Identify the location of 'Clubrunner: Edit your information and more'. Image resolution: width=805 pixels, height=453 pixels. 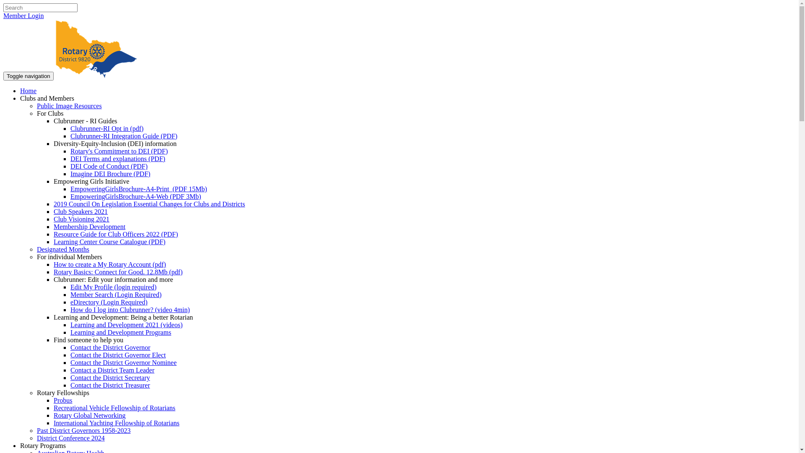
(53, 279).